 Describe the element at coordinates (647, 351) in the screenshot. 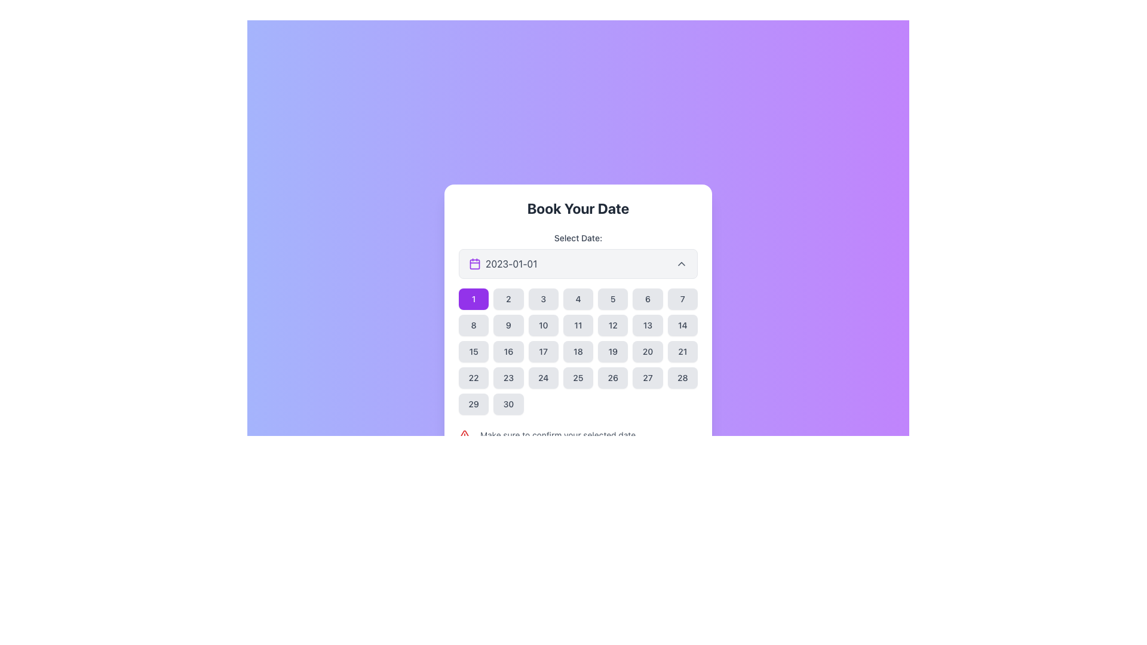

I see `the button labeled '20' in the date-picking interface` at that location.